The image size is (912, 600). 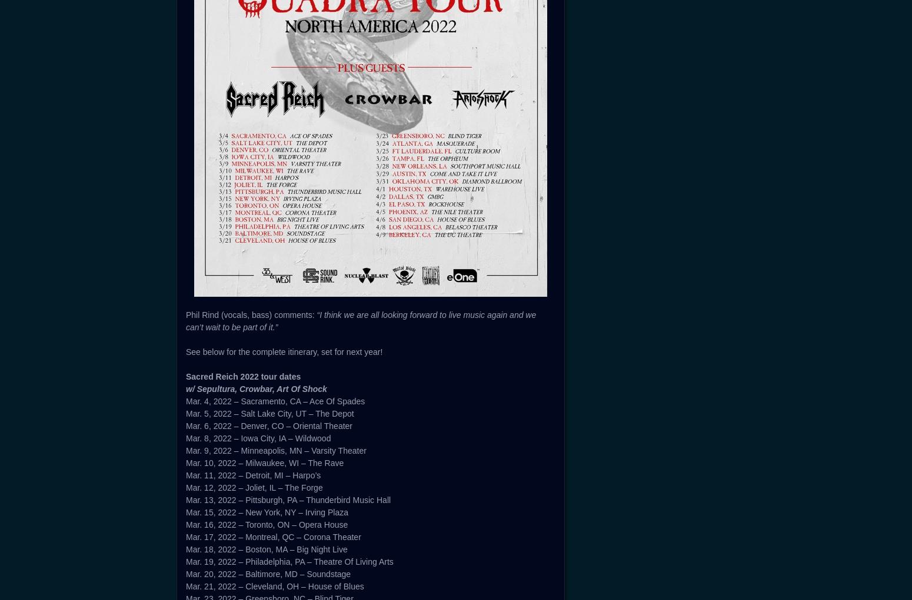 What do you see at coordinates (269, 413) in the screenshot?
I see `'Mar. 5, 2022 – Salt Lake City, UT – The Depot'` at bounding box center [269, 413].